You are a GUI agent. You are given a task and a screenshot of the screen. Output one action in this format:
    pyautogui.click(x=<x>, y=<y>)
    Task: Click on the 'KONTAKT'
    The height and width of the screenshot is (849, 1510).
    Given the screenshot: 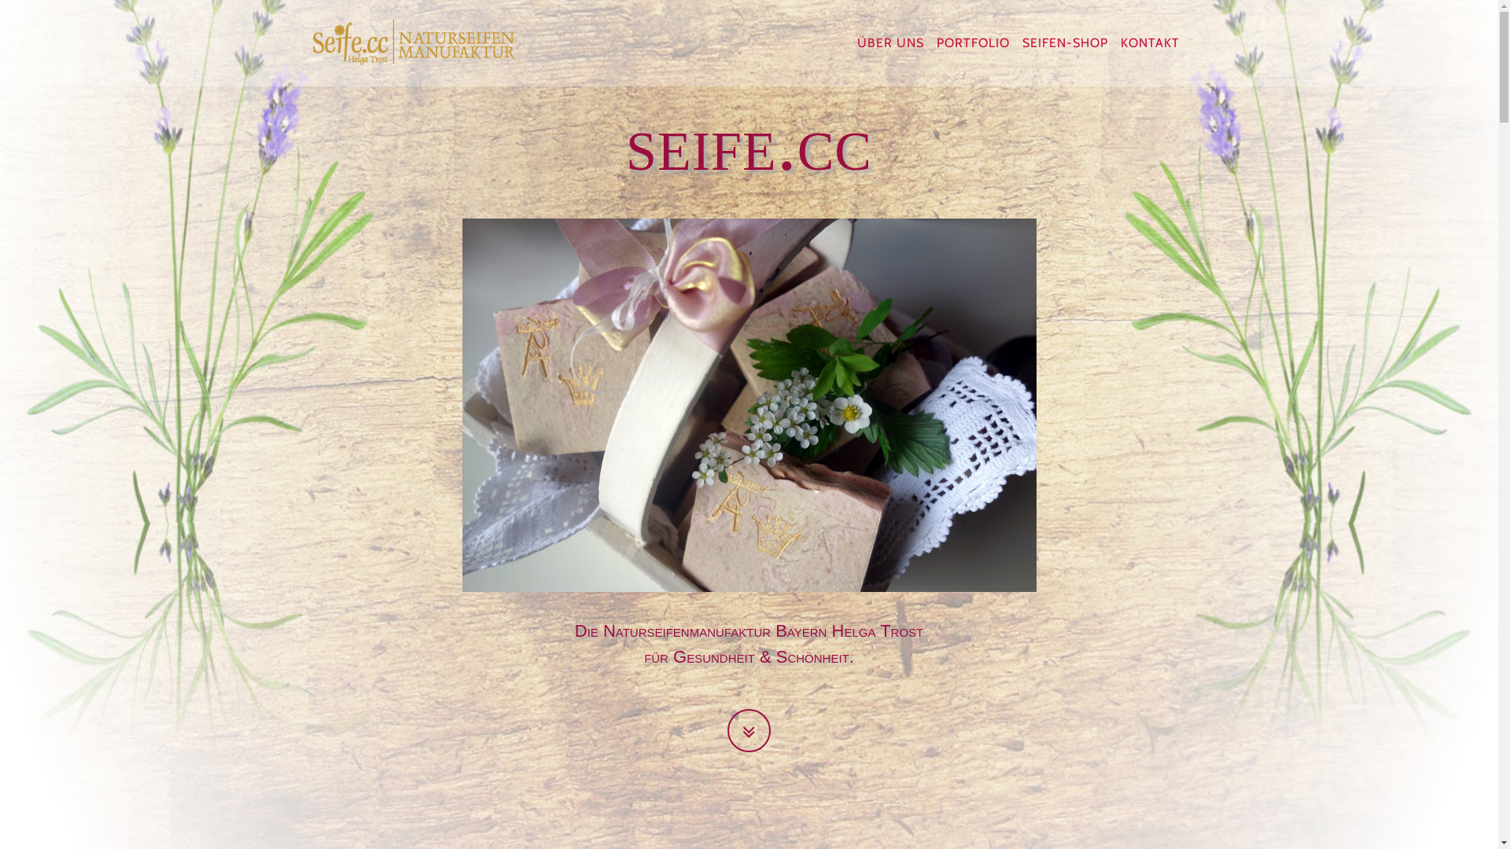 What is the action you would take?
    pyautogui.click(x=1113, y=42)
    